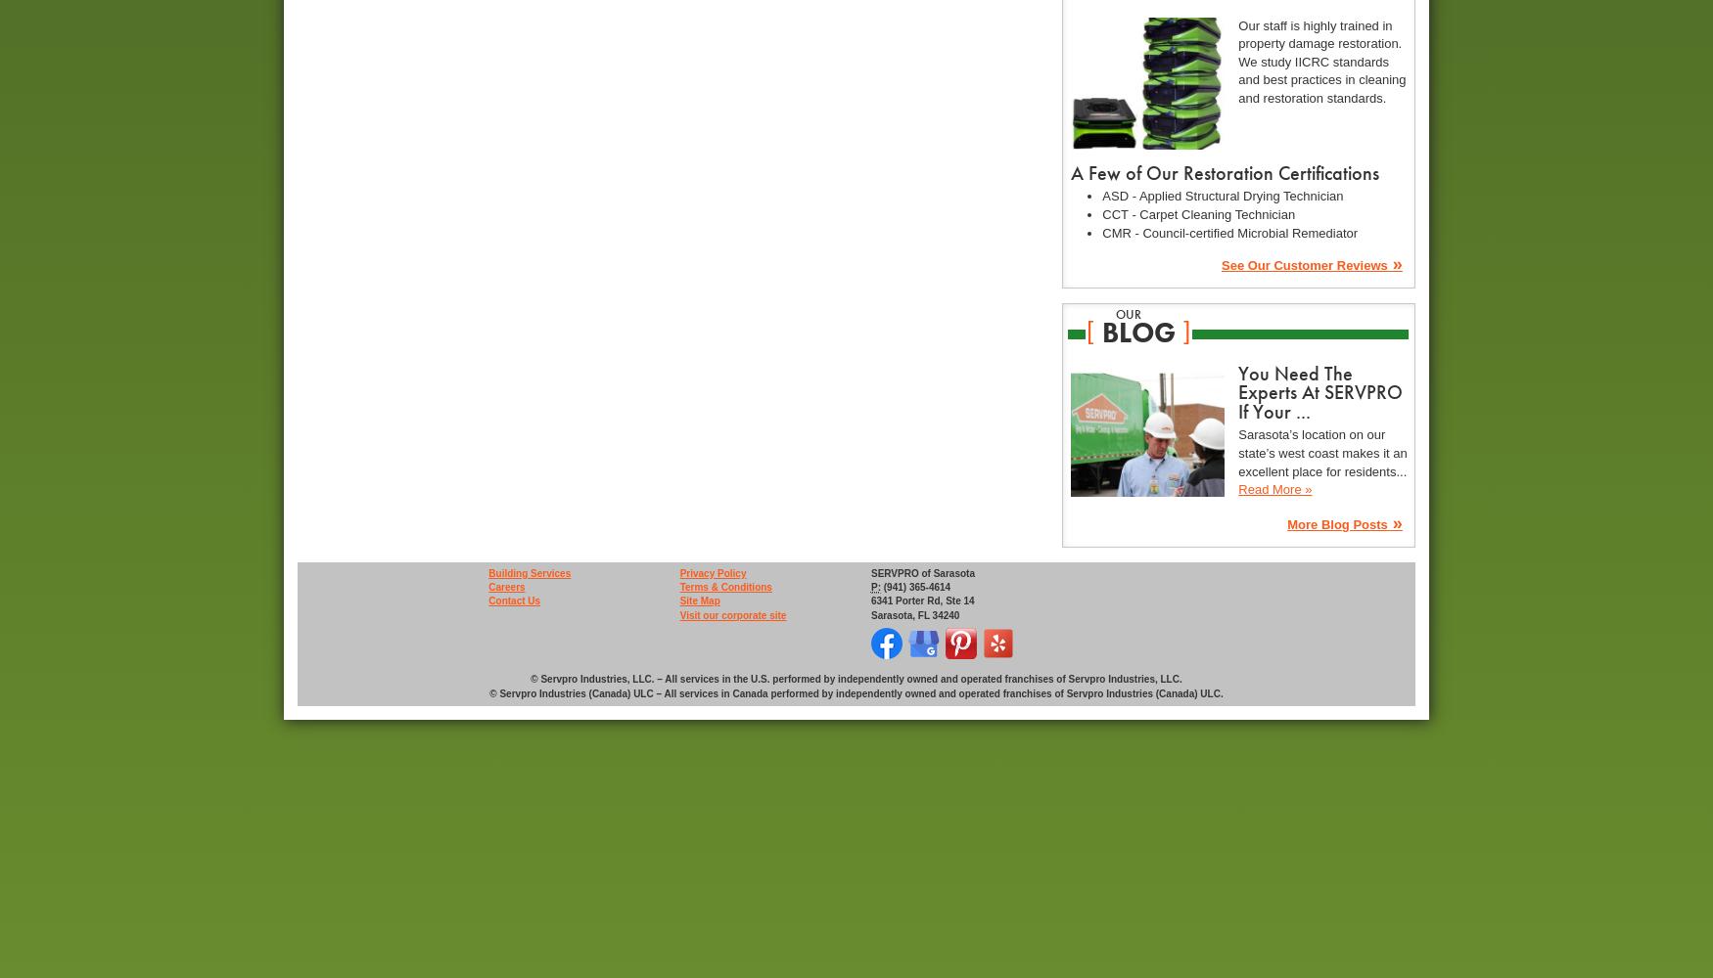  Describe the element at coordinates (880, 664) in the screenshot. I see `'9144'` at that location.